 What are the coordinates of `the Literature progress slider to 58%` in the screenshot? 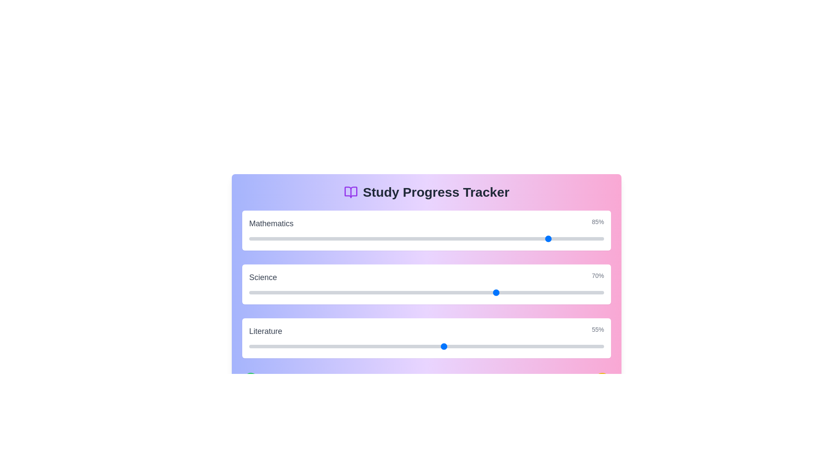 It's located at (454, 346).